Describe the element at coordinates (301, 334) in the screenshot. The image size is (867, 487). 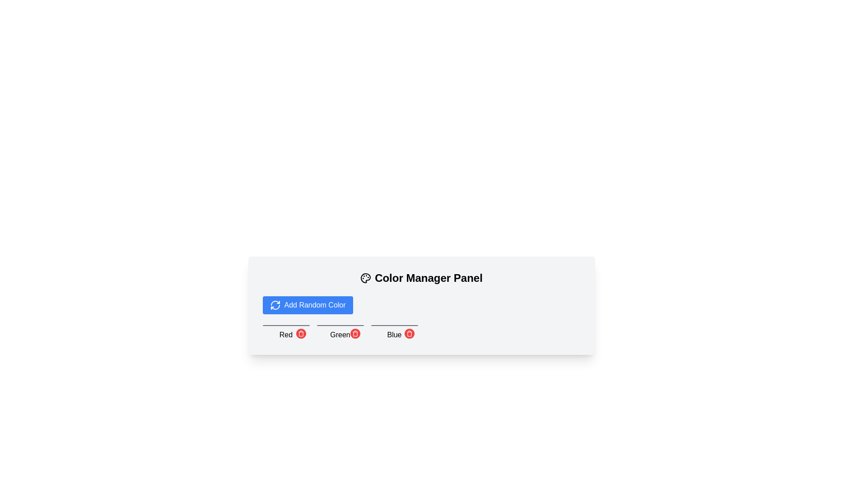
I see `the small red trash can icon button, which is part of the Color Manager Panel and is located next to the 'Red' label, to possibly reveal a tooltip` at that location.